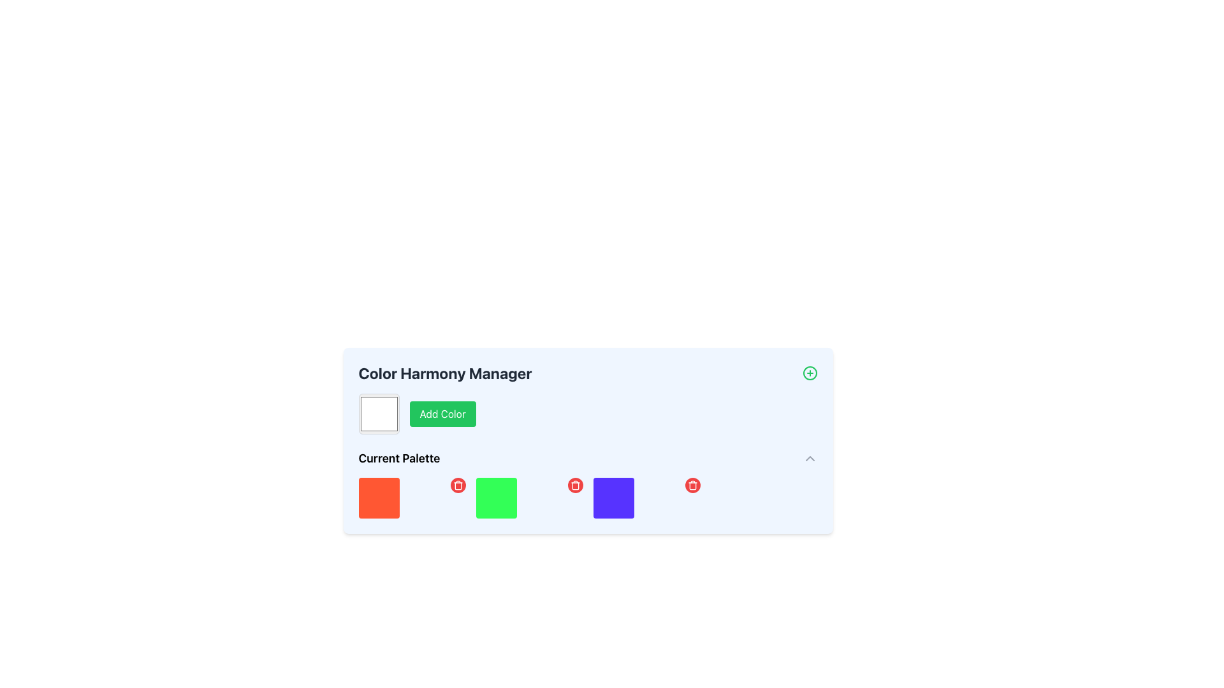 This screenshot has width=1224, height=688. Describe the element at coordinates (692, 485) in the screenshot. I see `the delete button located at the top-right corner of the purple square in the 'Current Palette' section` at that location.